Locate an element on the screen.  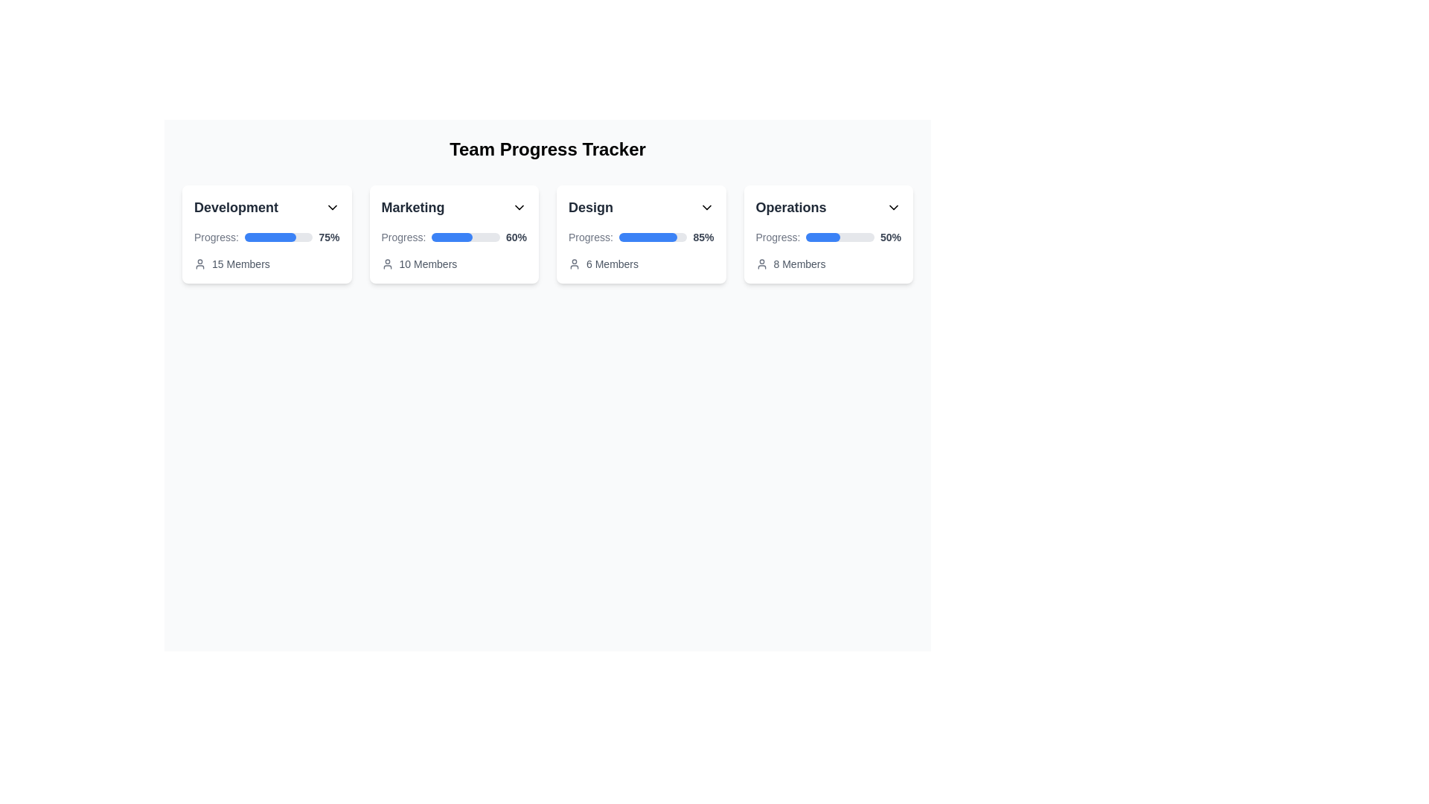
surrounding text to understand the context of the progress displayed in the progress indicator labeled 'Progress:' with a value of '75%' in the 'Development' card of the 'Team Progress Tracker' is located at coordinates (266, 237).